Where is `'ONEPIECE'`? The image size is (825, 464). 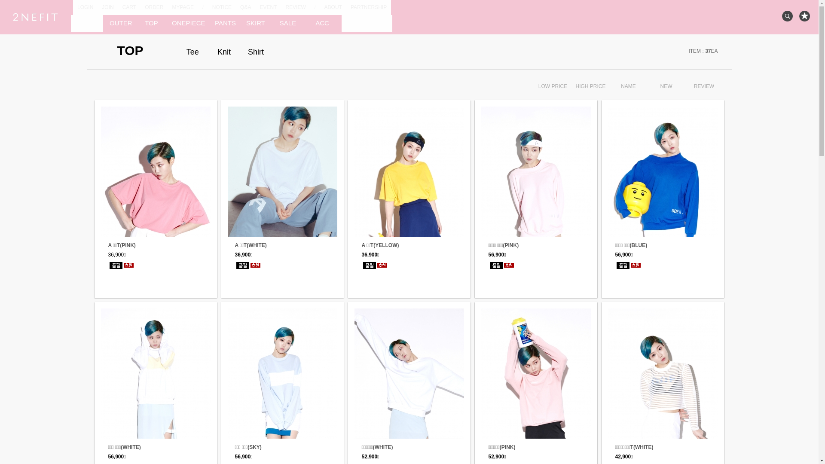 'ONEPIECE' is located at coordinates (186, 22).